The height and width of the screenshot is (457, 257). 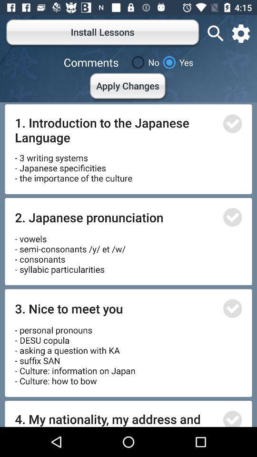 What do you see at coordinates (128, 87) in the screenshot?
I see `the item below the no` at bounding box center [128, 87].